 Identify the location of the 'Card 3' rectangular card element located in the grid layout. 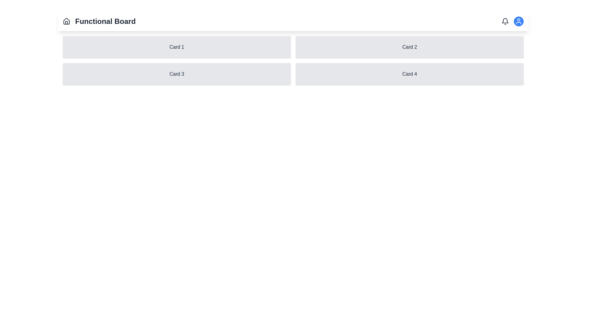
(176, 74).